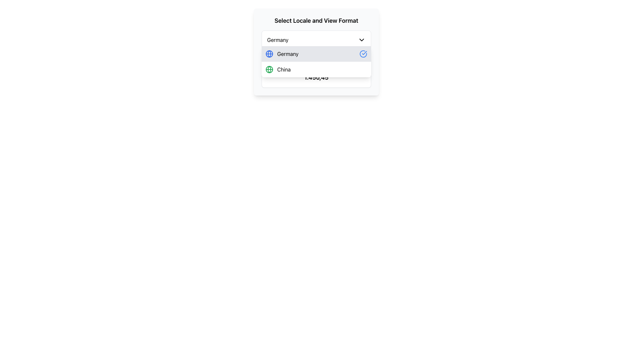  I want to click on the text label that reads 'Select Locale and View Format', which is styled with a large bold font and serves as a header for the section below, so click(316, 20).